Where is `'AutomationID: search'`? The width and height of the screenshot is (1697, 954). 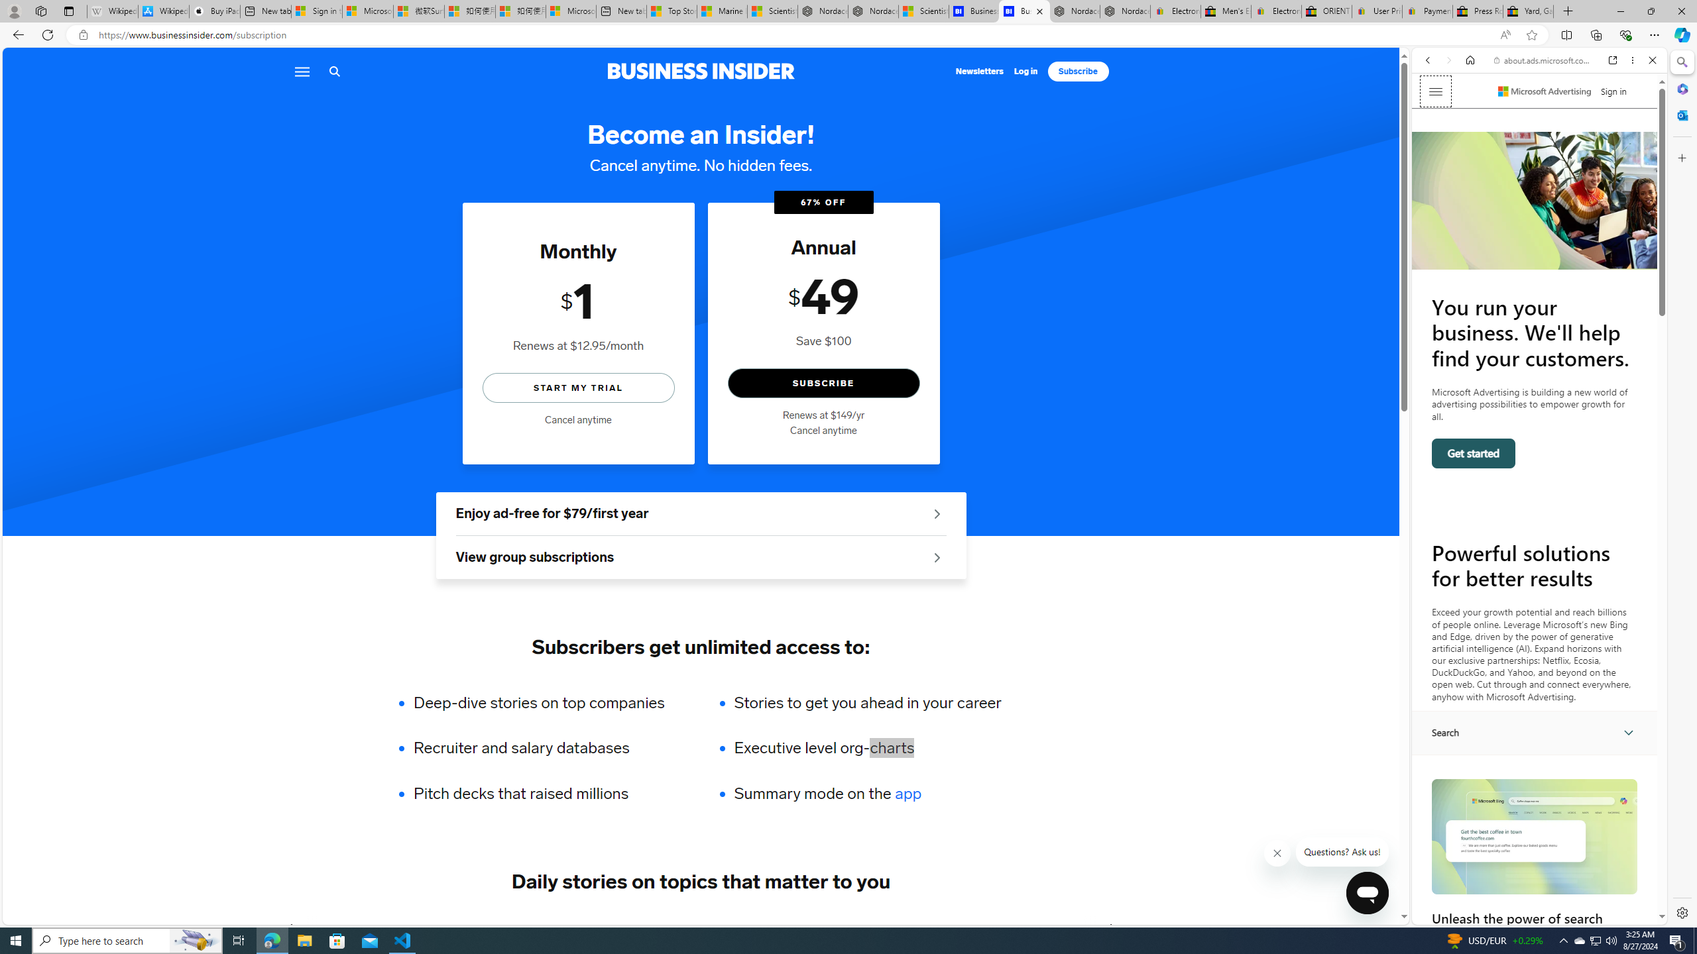
'AutomationID: search' is located at coordinates (1535, 731).